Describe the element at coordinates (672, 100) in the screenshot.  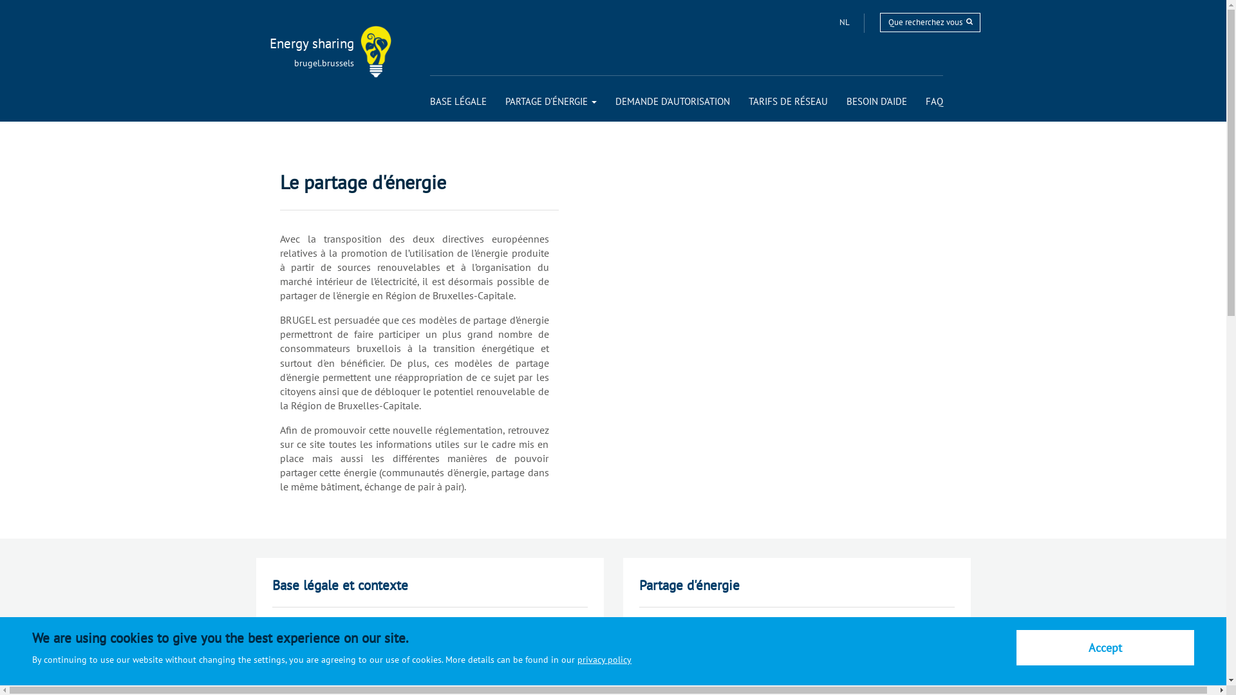
I see `'DEMANDE D'AUTORISATION'` at that location.